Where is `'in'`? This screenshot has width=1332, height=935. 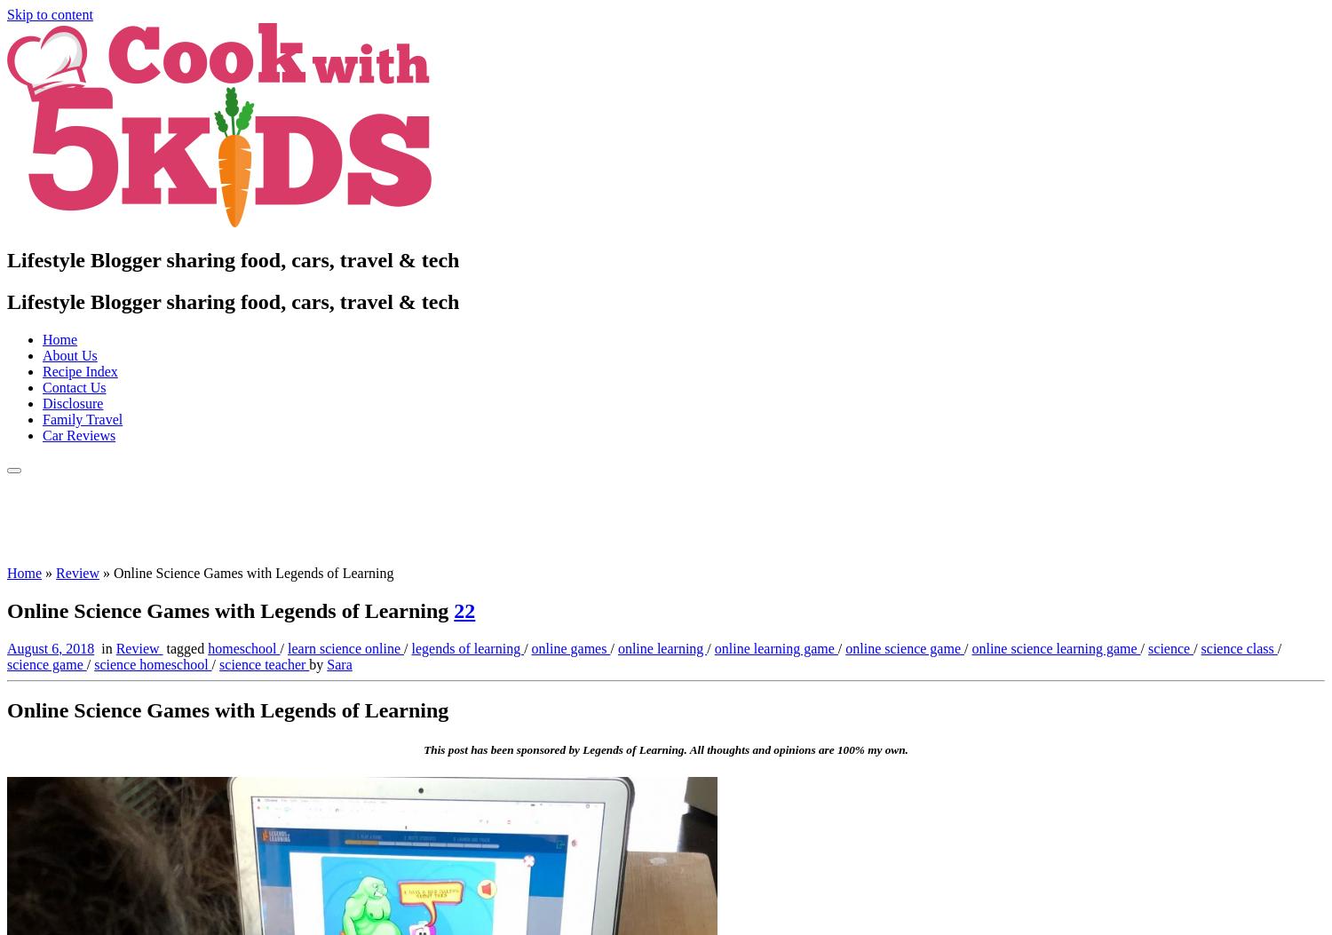 'in' is located at coordinates (93, 646).